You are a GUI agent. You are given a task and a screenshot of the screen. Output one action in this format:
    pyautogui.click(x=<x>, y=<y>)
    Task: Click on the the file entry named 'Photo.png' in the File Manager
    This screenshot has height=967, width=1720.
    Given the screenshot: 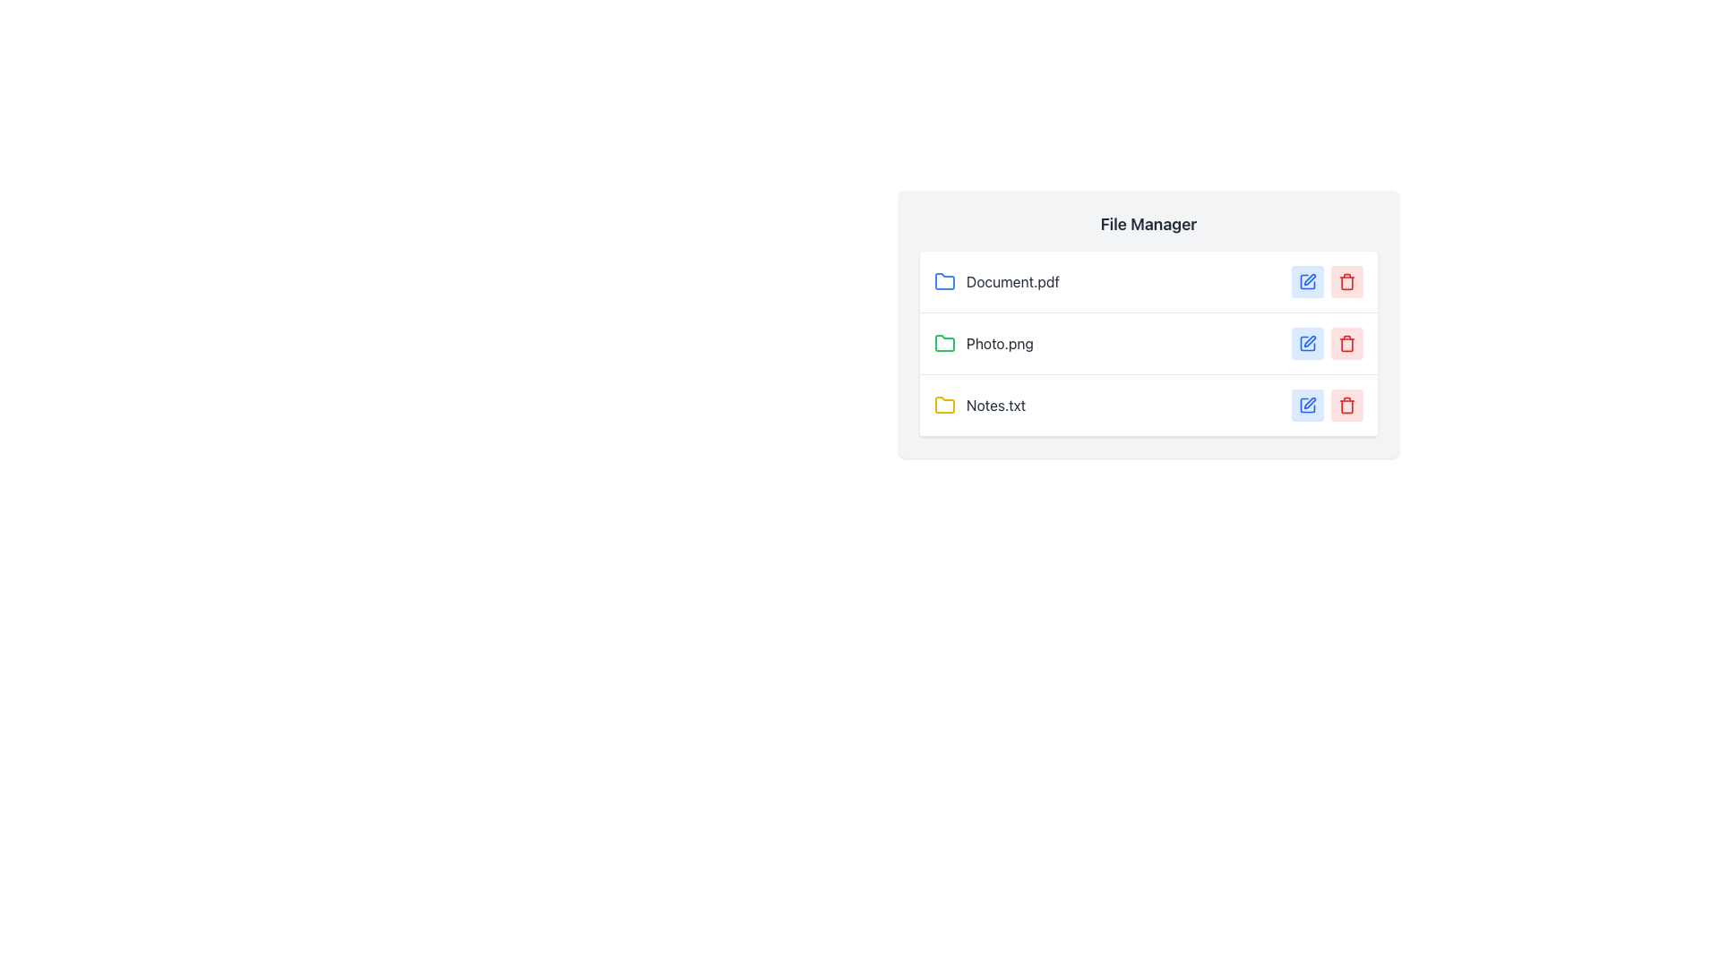 What is the action you would take?
    pyautogui.click(x=1148, y=324)
    